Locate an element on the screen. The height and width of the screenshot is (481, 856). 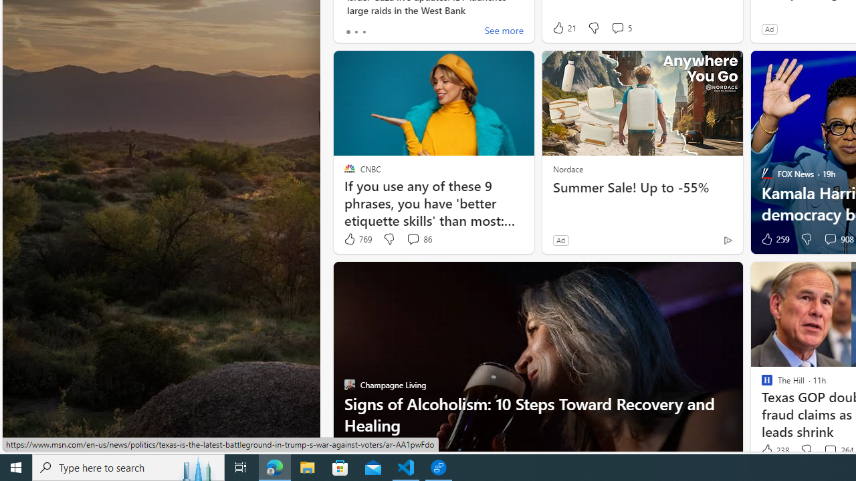
'tab-0' is located at coordinates (348, 31).